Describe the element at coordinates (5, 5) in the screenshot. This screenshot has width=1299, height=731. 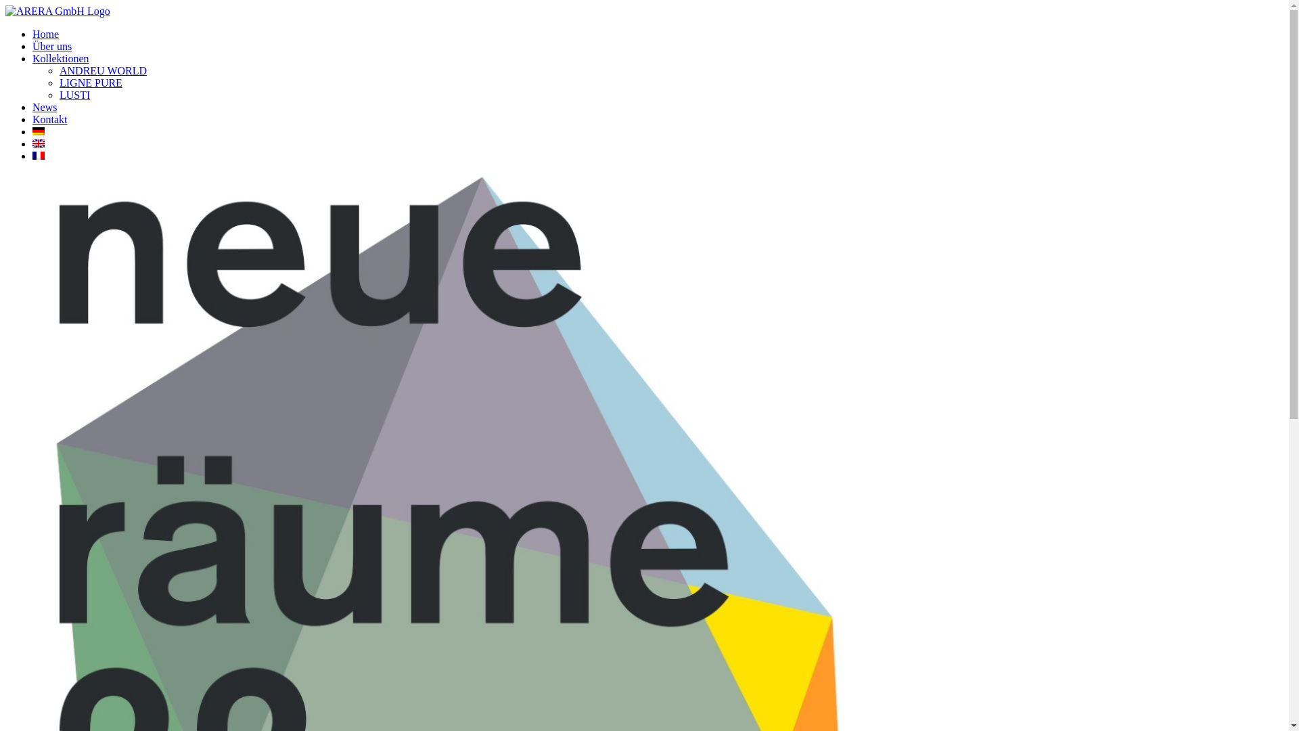
I see `'Zum Inhalt springen'` at that location.